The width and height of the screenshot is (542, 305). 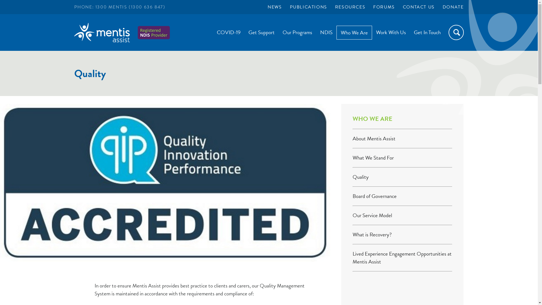 I want to click on 'RESOURCES', so click(x=350, y=7).